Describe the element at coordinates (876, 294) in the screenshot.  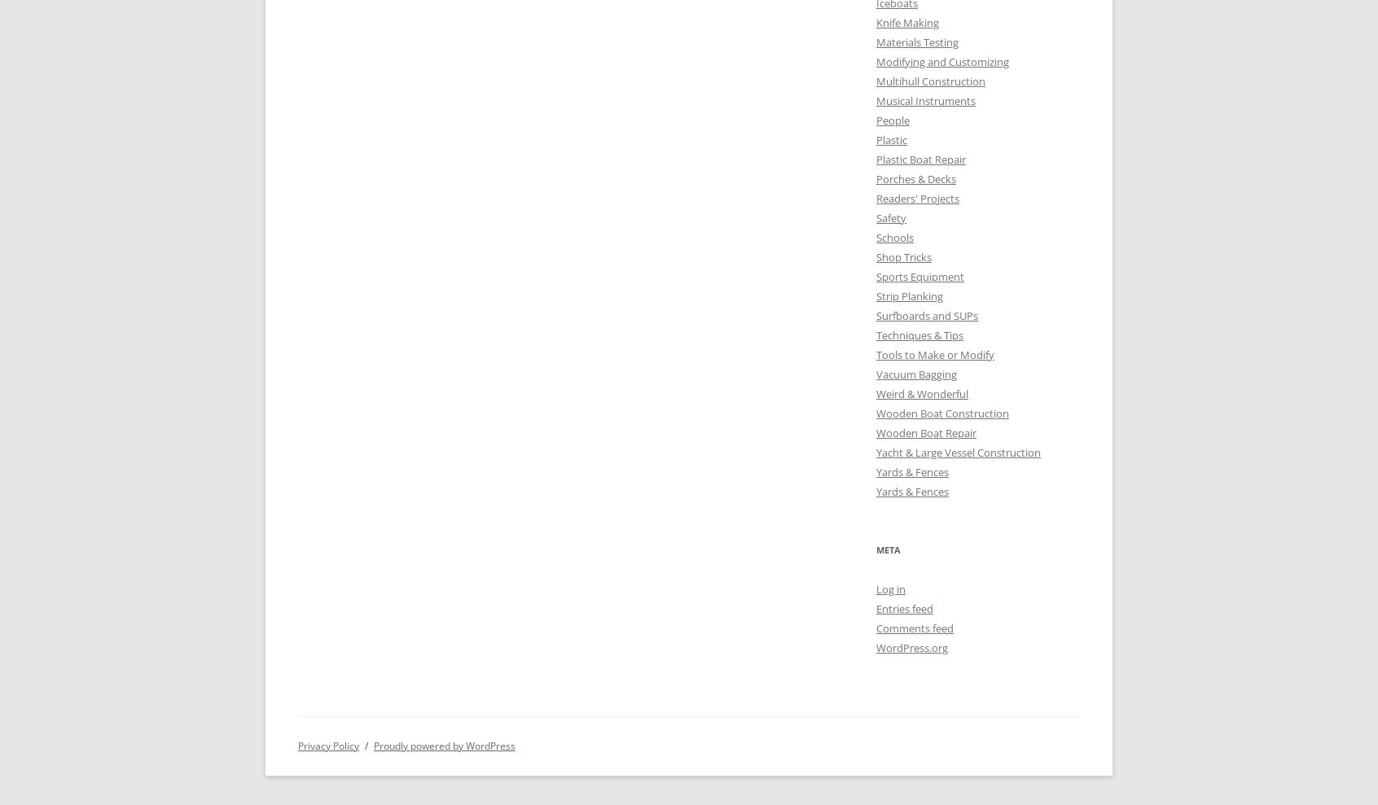
I see `'Strip Planking'` at that location.